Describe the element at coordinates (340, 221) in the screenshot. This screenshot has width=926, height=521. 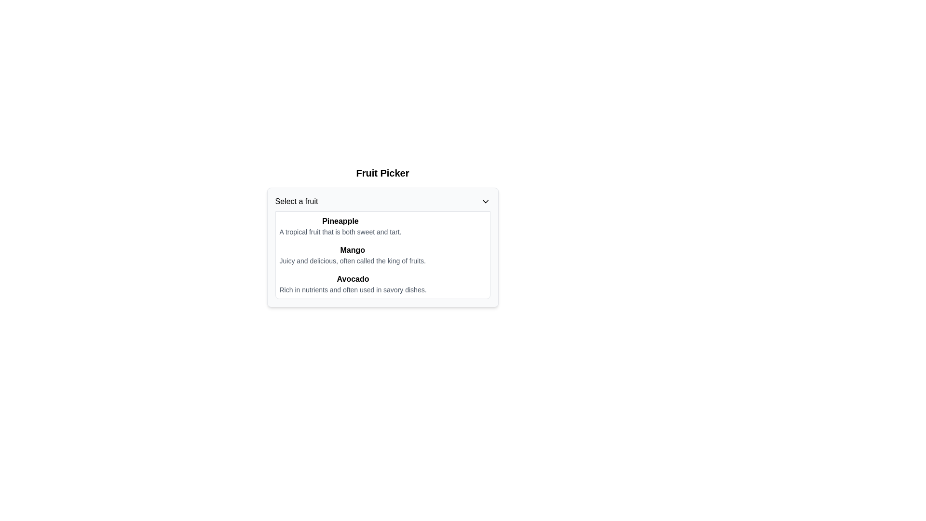
I see `text label that serves as the title for the 'Pineapple' item, located near the top of the fruit category list` at that location.